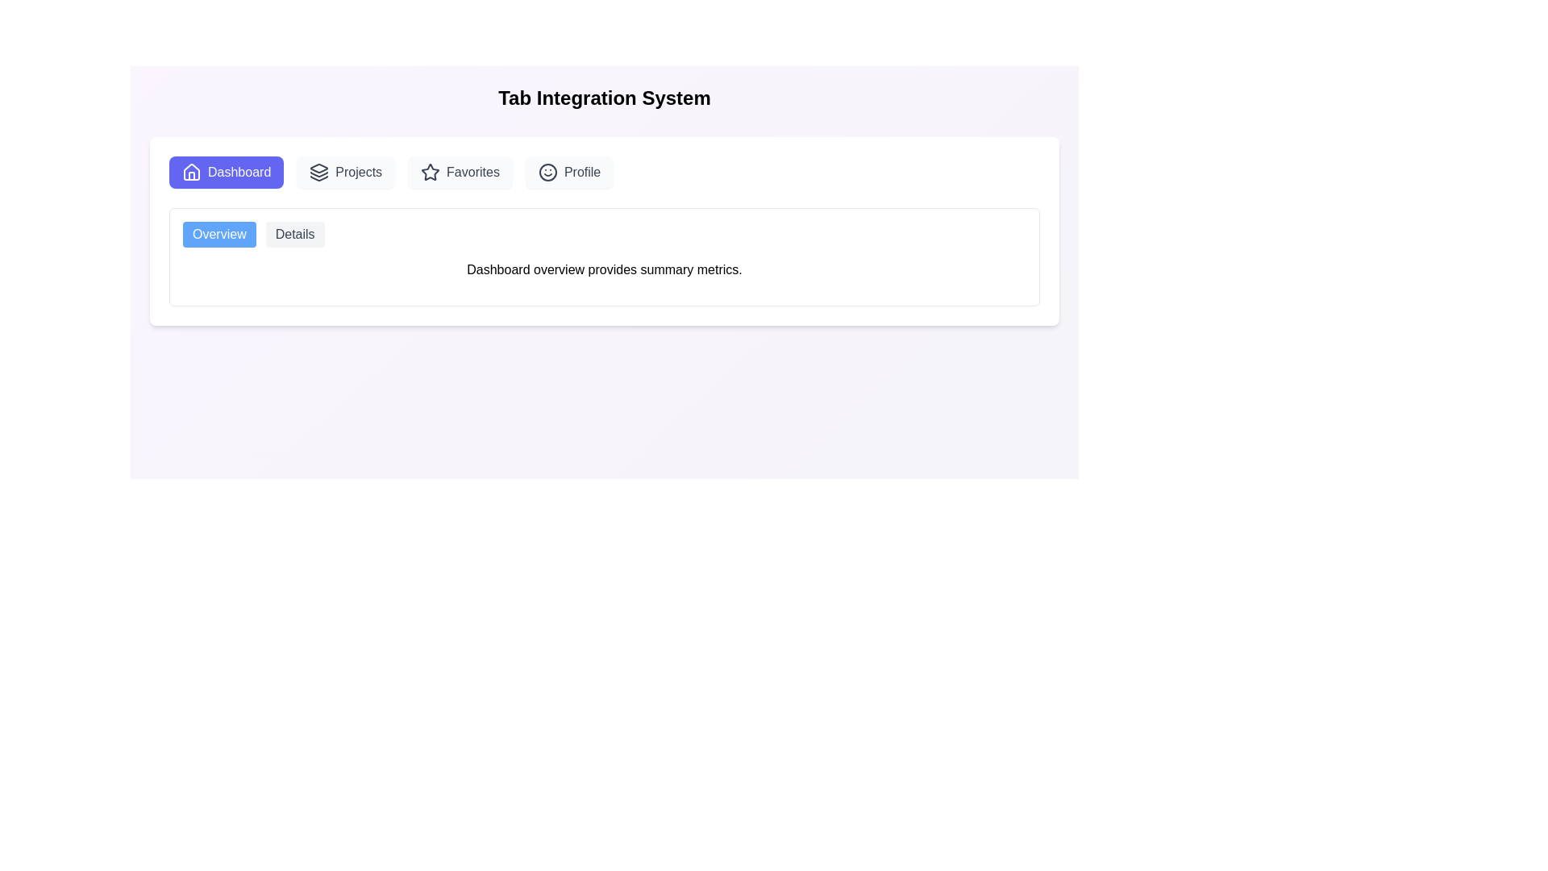 This screenshot has width=1548, height=871. What do you see at coordinates (603, 98) in the screenshot?
I see `the static text heading that displays 'Tab Integration System', which is bold and centered at the top of the interface` at bounding box center [603, 98].